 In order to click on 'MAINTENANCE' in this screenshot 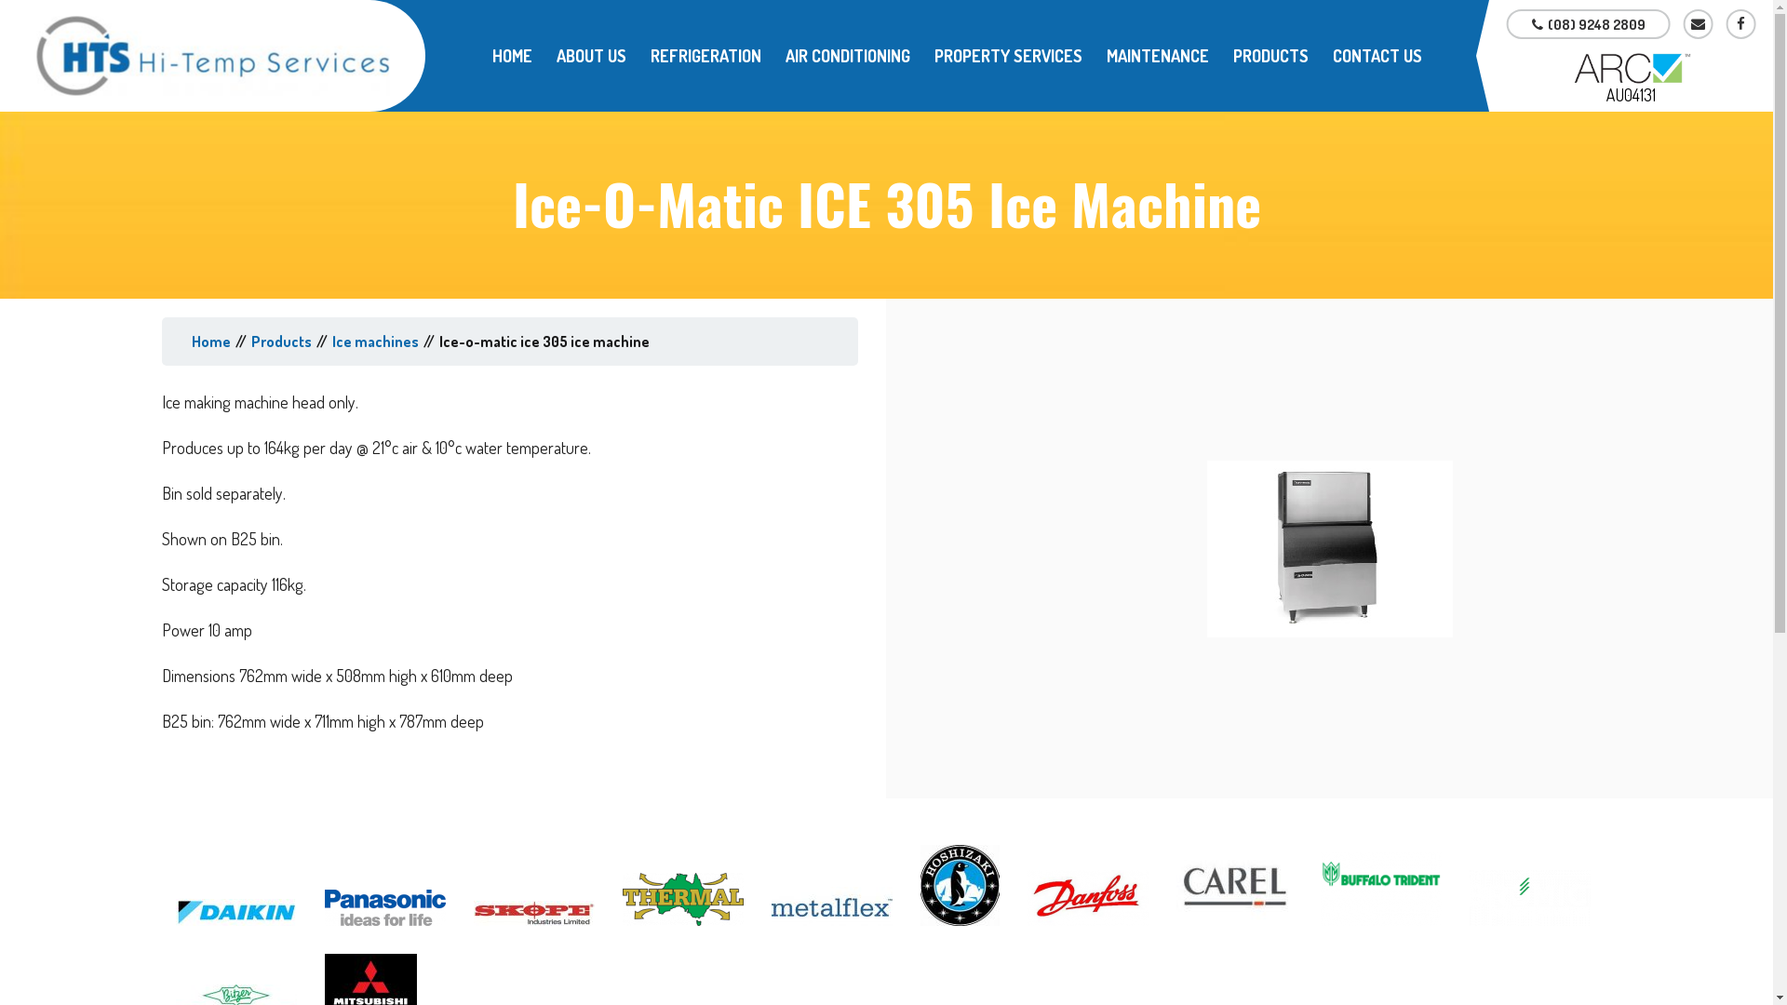, I will do `click(1156, 55)`.